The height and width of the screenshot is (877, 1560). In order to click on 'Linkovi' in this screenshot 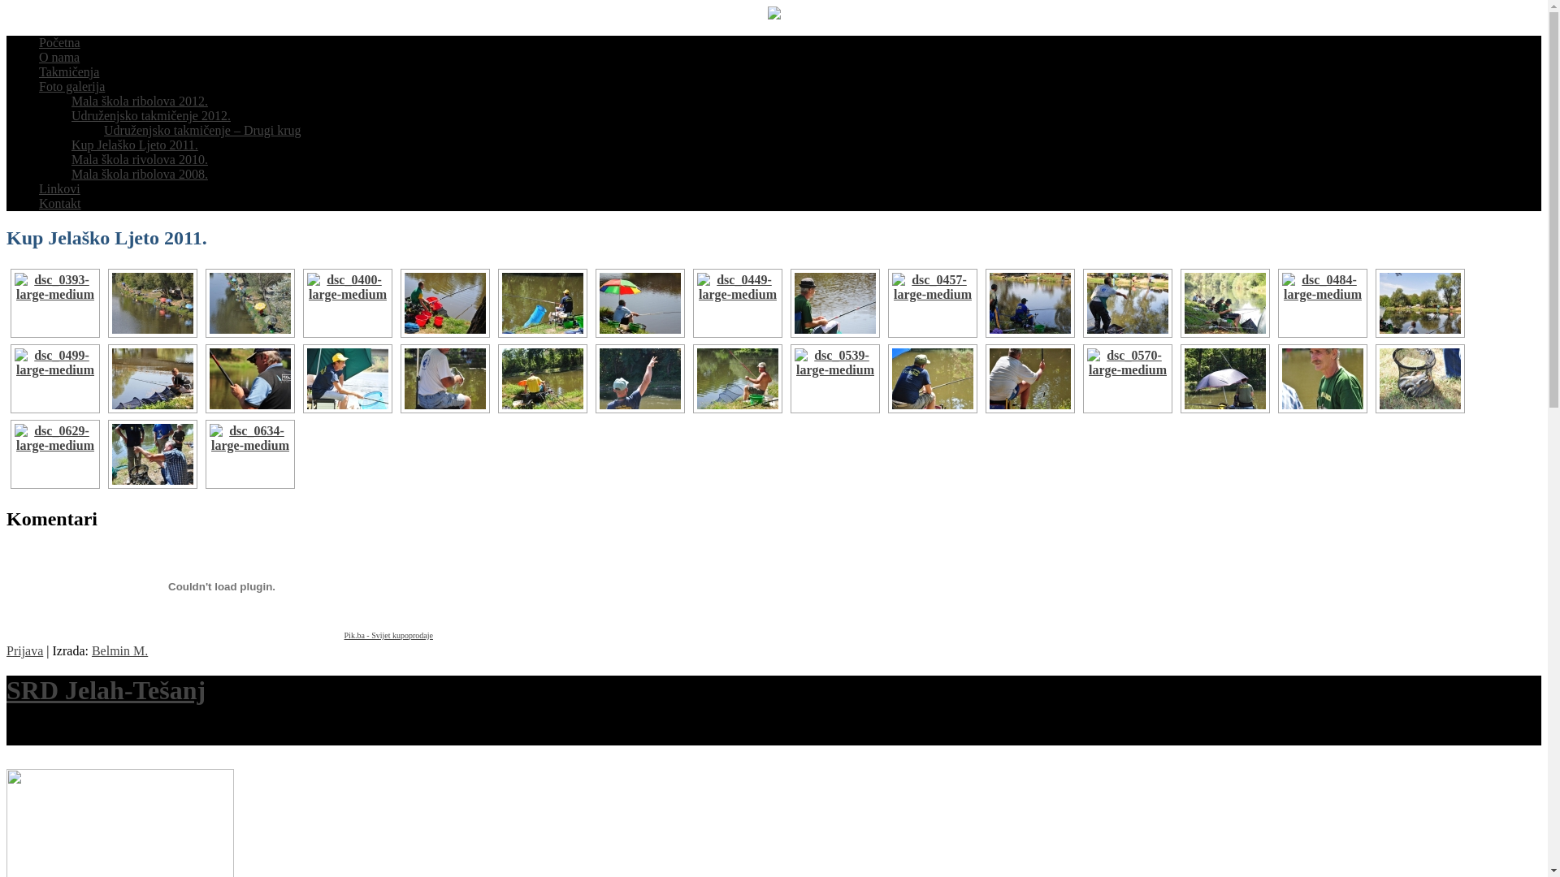, I will do `click(59, 188)`.